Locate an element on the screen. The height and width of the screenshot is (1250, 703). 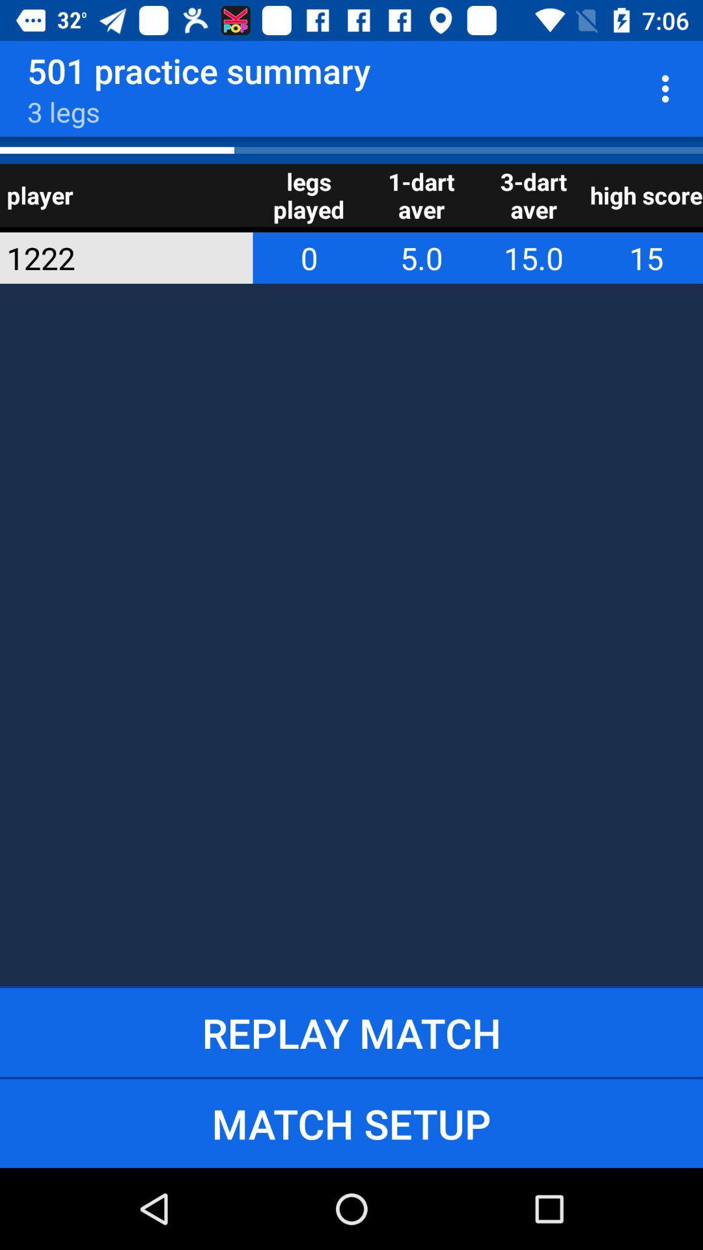
app below player is located at coordinates (108, 258).